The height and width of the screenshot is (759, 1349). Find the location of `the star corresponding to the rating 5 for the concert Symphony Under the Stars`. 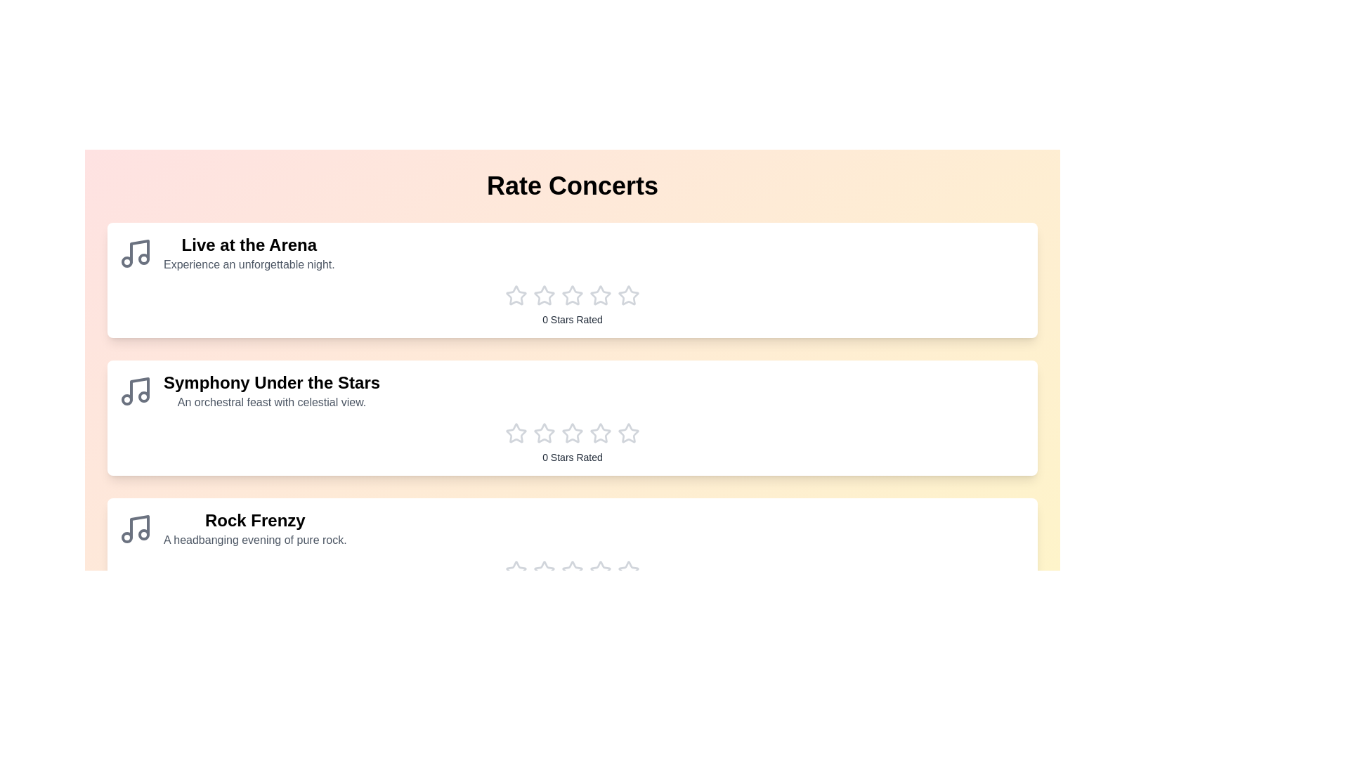

the star corresponding to the rating 5 for the concert Symphony Under the Stars is located at coordinates (627, 433).